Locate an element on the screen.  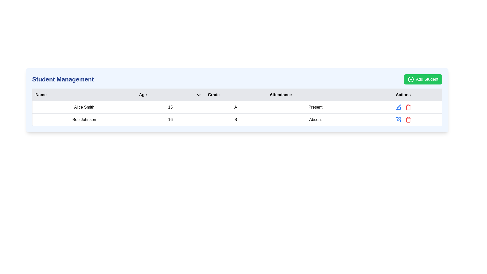
the static text element displaying the age (15) of the student 'Alice Smith' in the second column of the student record table is located at coordinates (170, 107).